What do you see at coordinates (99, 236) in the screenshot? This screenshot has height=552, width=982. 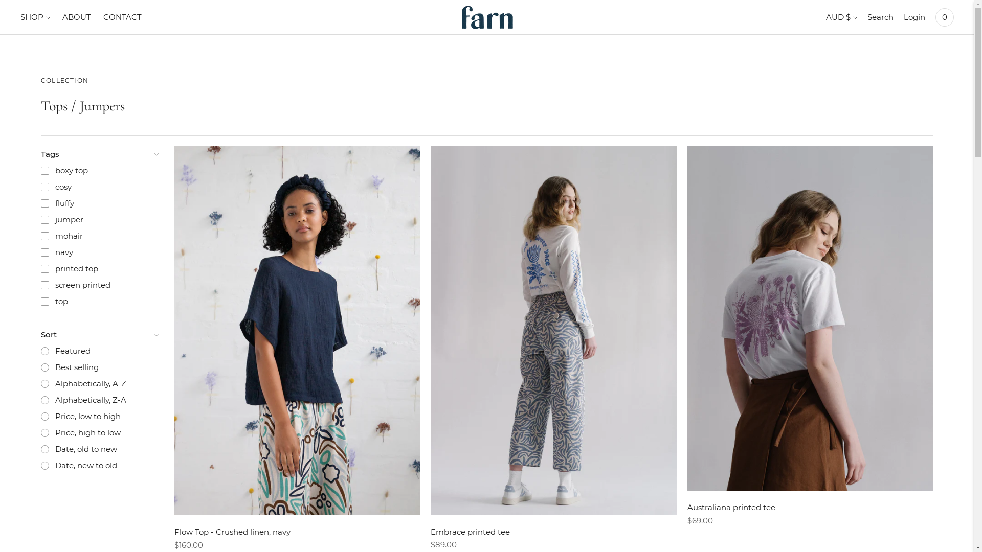 I see `'mohair'` at bounding box center [99, 236].